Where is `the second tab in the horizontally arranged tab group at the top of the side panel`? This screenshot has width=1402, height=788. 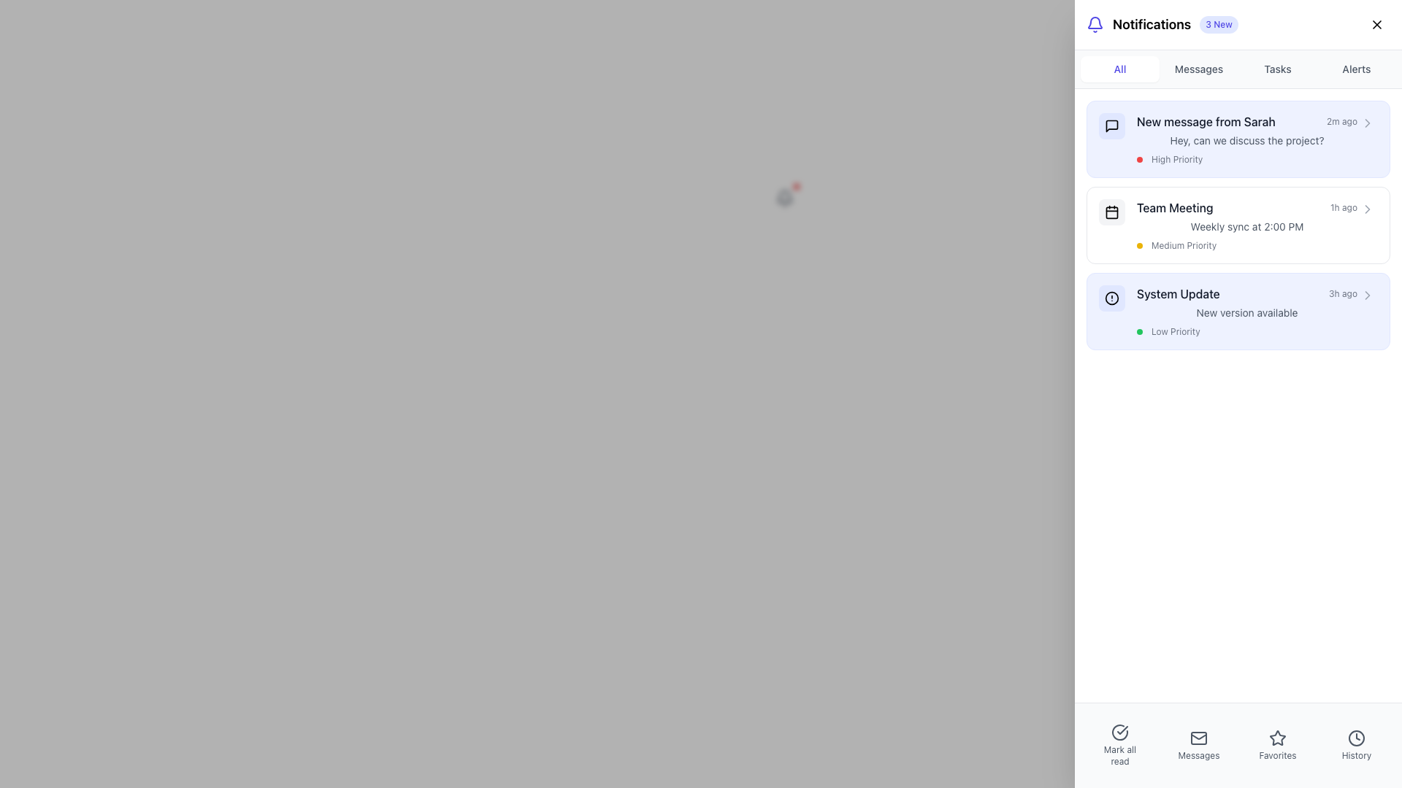 the second tab in the horizontally arranged tab group at the top of the side panel is located at coordinates (1198, 69).